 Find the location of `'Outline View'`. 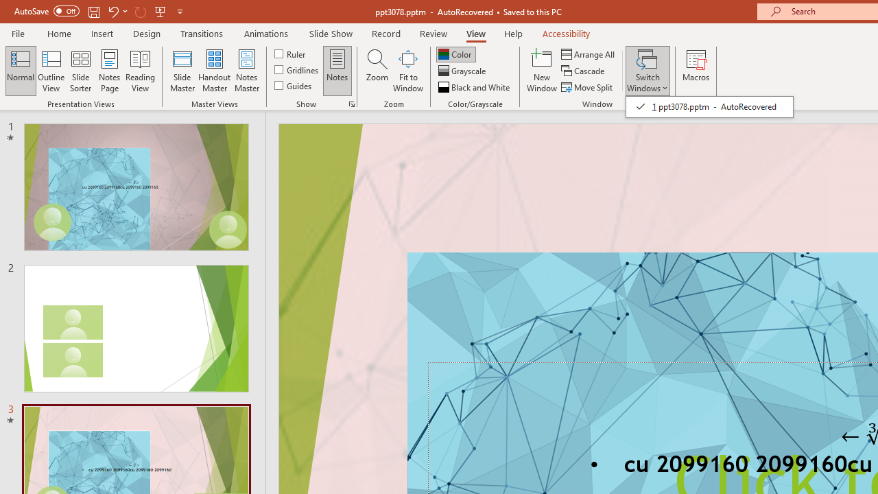

'Outline View' is located at coordinates (51, 71).